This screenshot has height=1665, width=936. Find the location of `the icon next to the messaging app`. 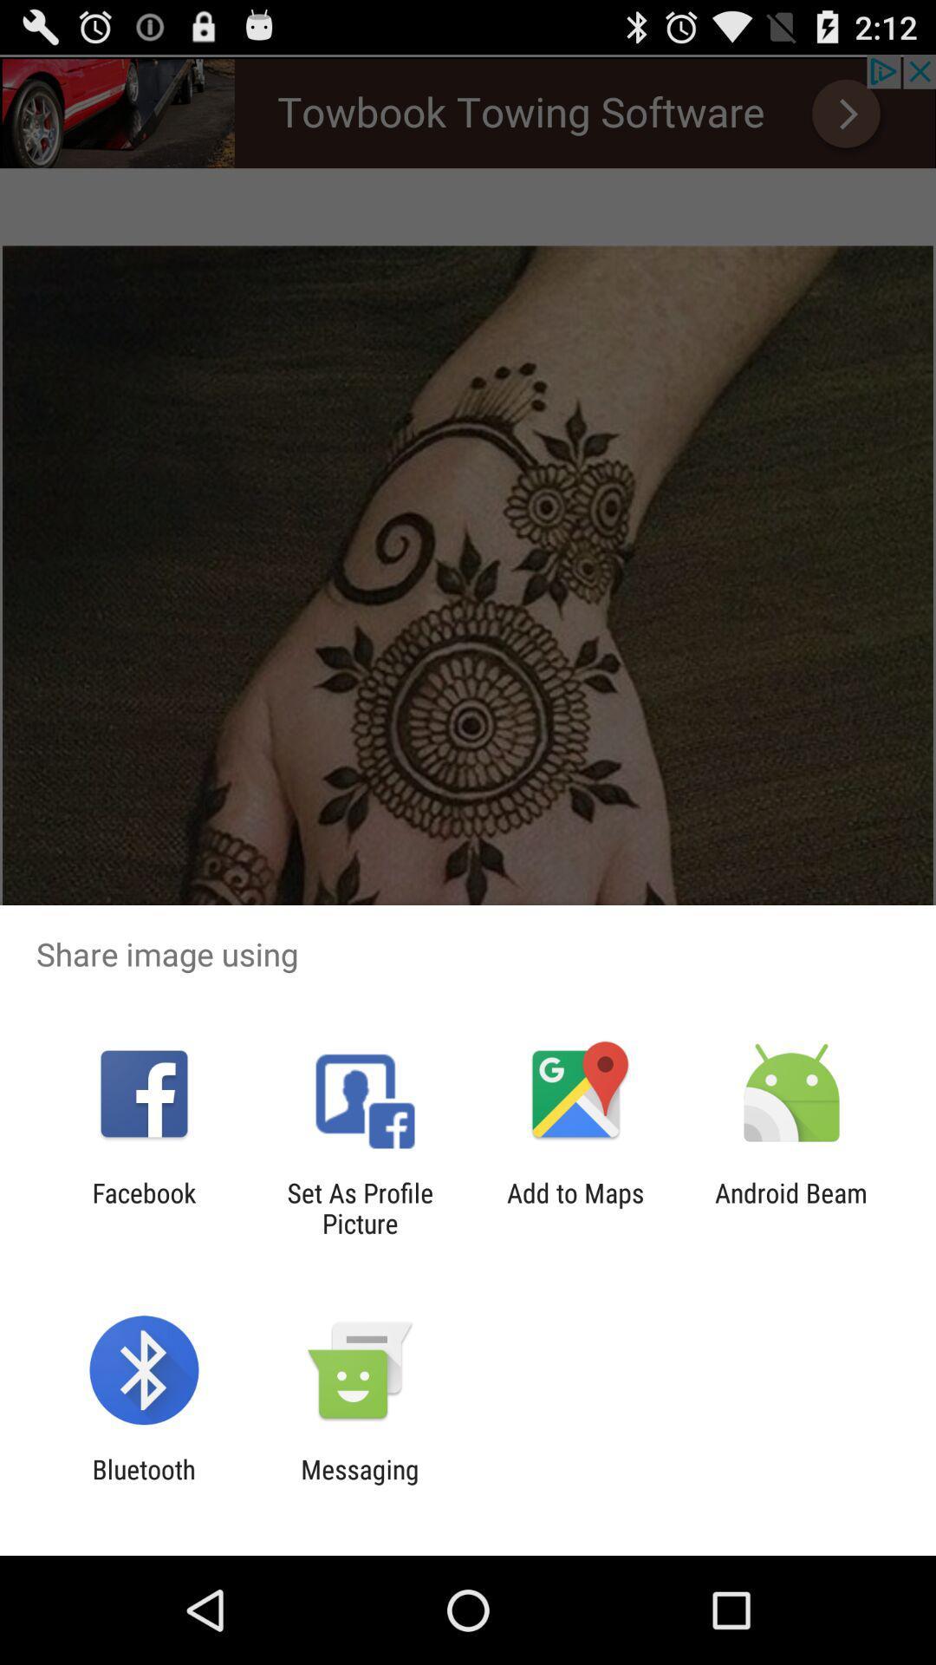

the icon next to the messaging app is located at coordinates (143, 1484).